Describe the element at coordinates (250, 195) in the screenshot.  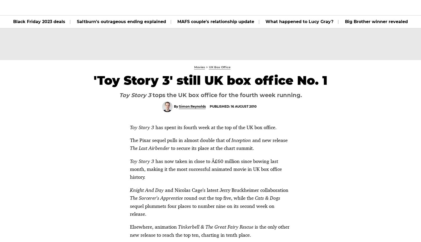
I see `'Mission: Impossible 5 tops UK box office'` at that location.